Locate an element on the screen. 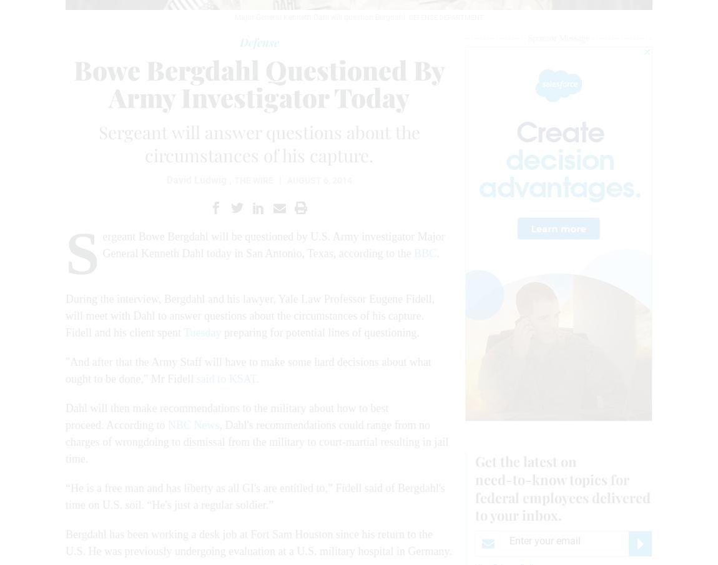 This screenshot has width=718, height=565. 'The Wire' is located at coordinates (253, 180).